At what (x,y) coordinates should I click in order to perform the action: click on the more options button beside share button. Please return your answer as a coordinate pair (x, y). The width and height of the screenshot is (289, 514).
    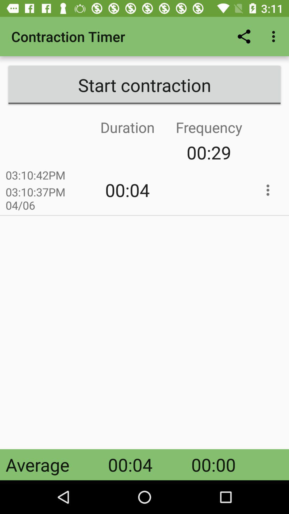
    Looking at the image, I should click on (275, 36).